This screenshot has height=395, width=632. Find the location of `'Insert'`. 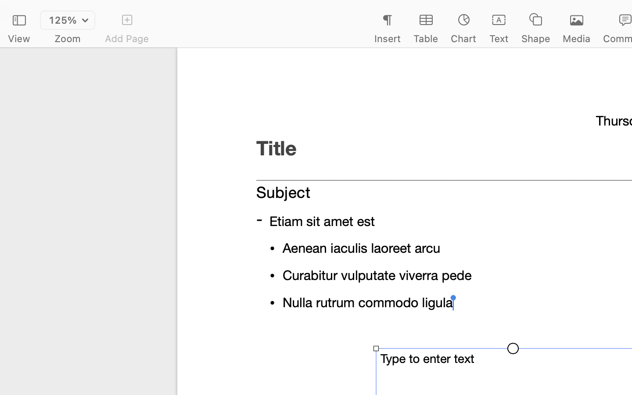

'Insert' is located at coordinates (387, 38).